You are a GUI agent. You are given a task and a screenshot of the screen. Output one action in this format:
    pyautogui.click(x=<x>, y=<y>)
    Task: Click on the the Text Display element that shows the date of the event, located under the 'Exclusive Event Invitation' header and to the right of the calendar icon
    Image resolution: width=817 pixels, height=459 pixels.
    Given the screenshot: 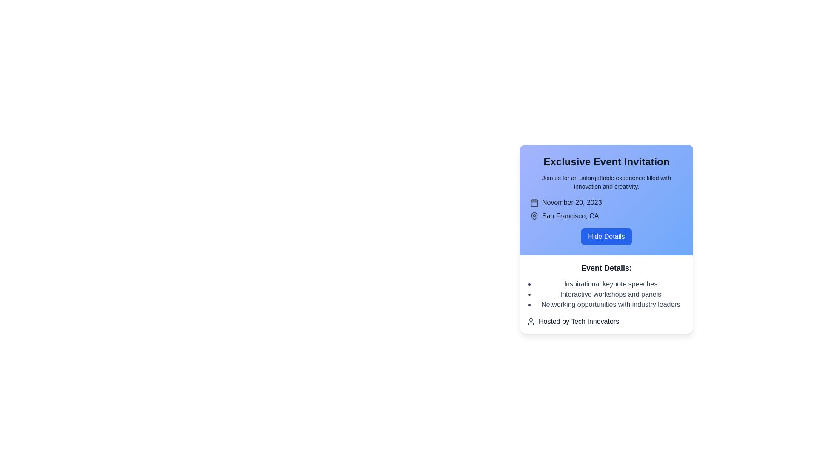 What is the action you would take?
    pyautogui.click(x=572, y=203)
    